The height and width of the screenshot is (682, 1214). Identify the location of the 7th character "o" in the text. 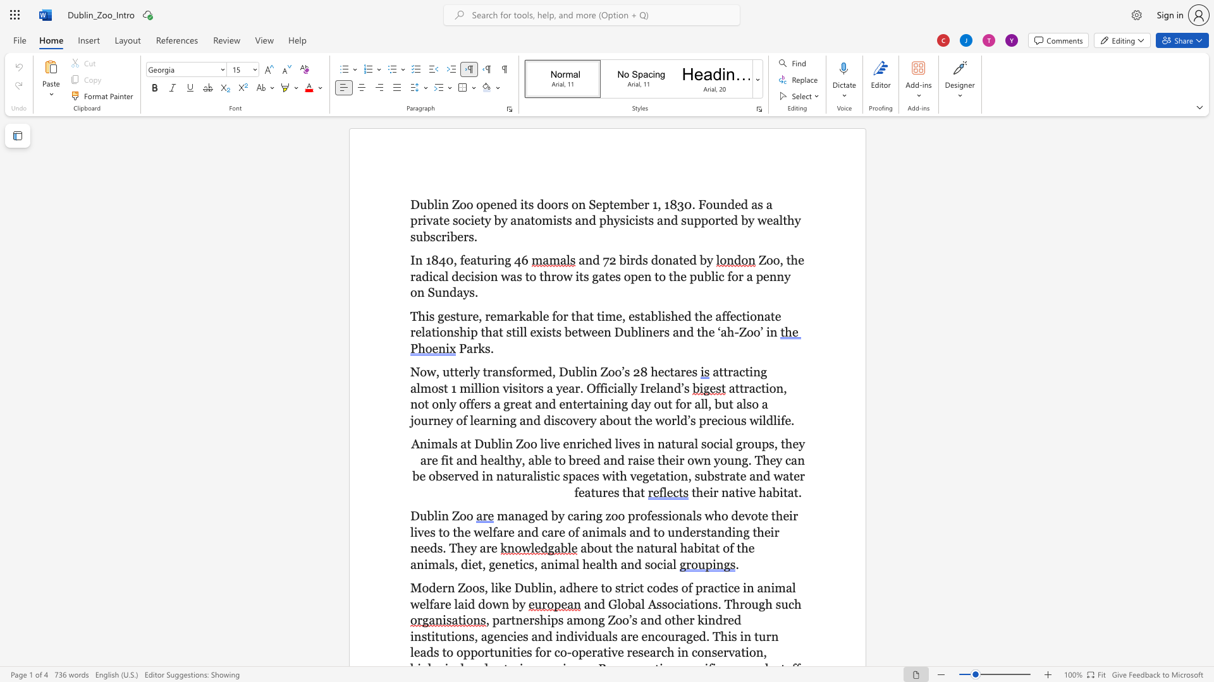
(723, 460).